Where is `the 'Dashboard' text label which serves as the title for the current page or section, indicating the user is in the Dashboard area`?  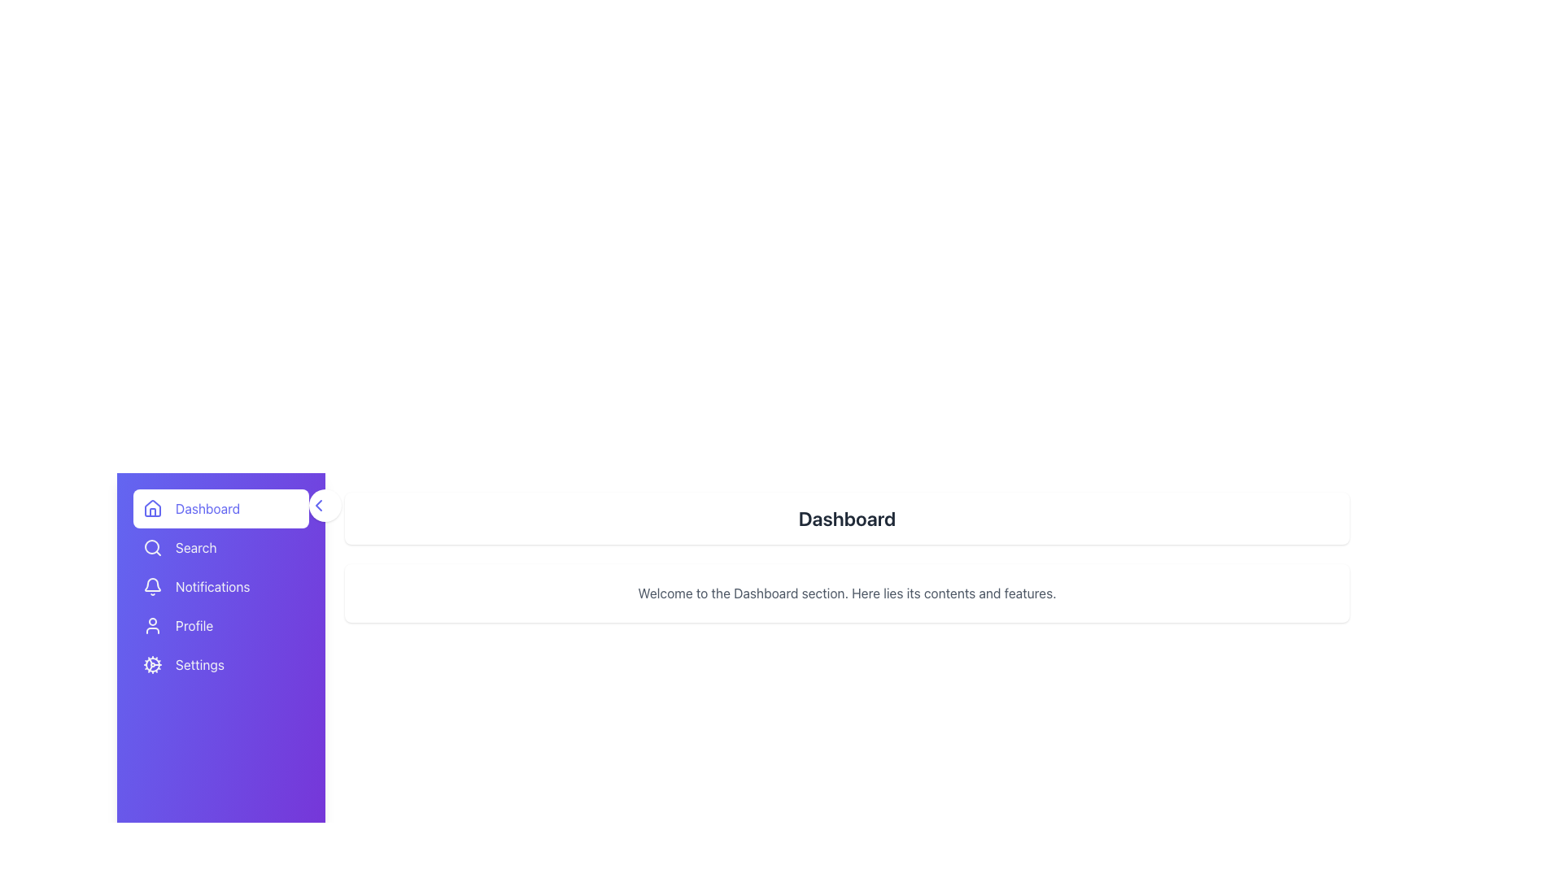 the 'Dashboard' text label which serves as the title for the current page or section, indicating the user is in the Dashboard area is located at coordinates (846, 518).